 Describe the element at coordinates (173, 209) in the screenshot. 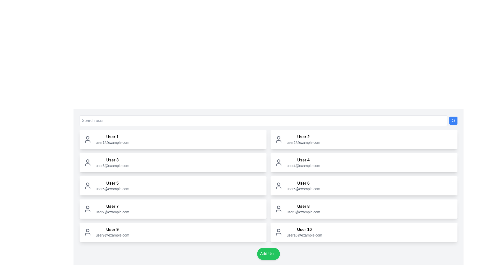

I see `the User Profile Card displaying user details including name and email address, positioned as the 7th item in a grid layout` at that location.